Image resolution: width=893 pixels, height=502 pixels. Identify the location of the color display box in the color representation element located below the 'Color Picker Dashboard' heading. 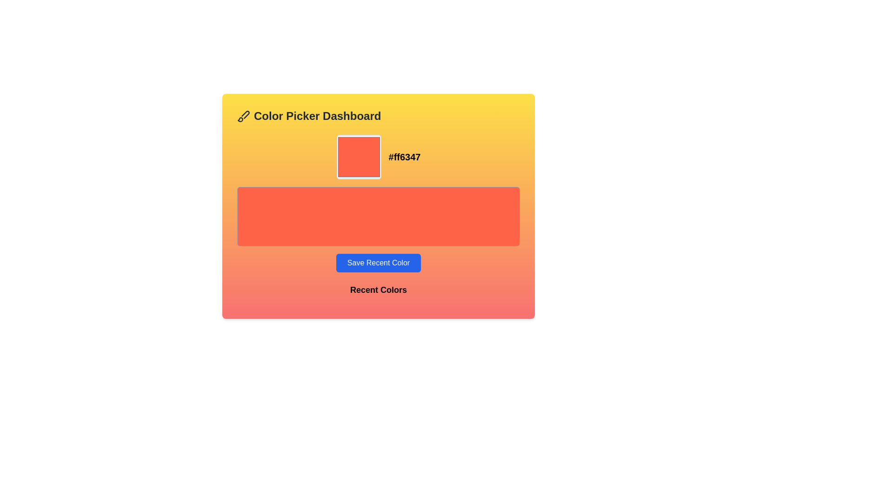
(379, 157).